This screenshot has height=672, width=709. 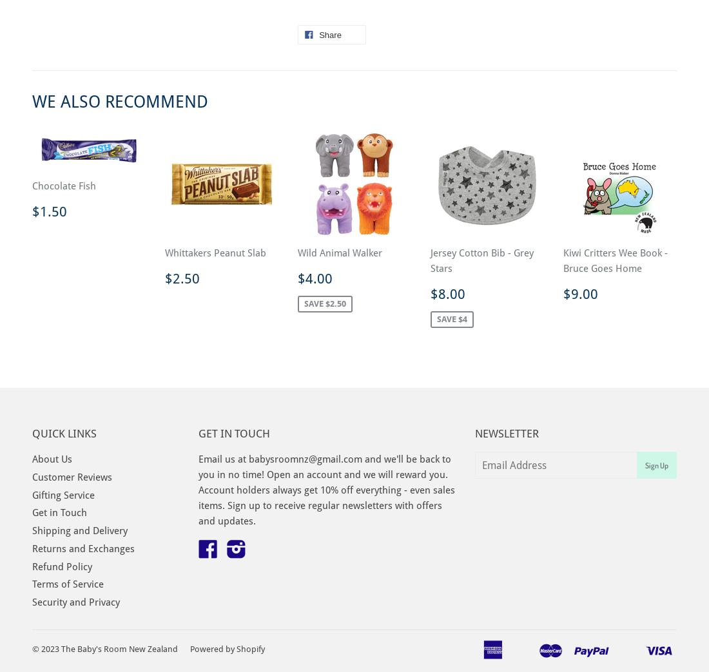 What do you see at coordinates (76, 602) in the screenshot?
I see `'Security and Privacy'` at bounding box center [76, 602].